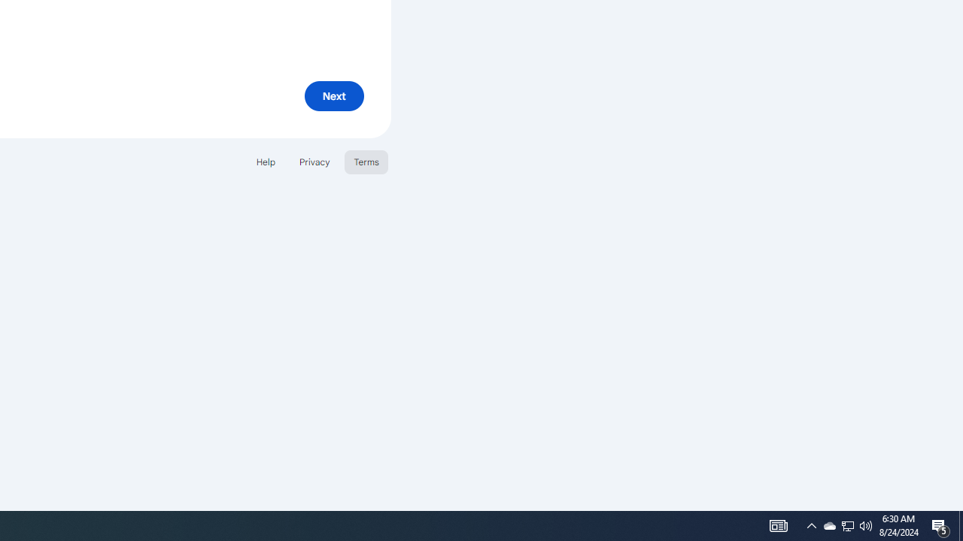  I want to click on 'Privacy', so click(313, 162).